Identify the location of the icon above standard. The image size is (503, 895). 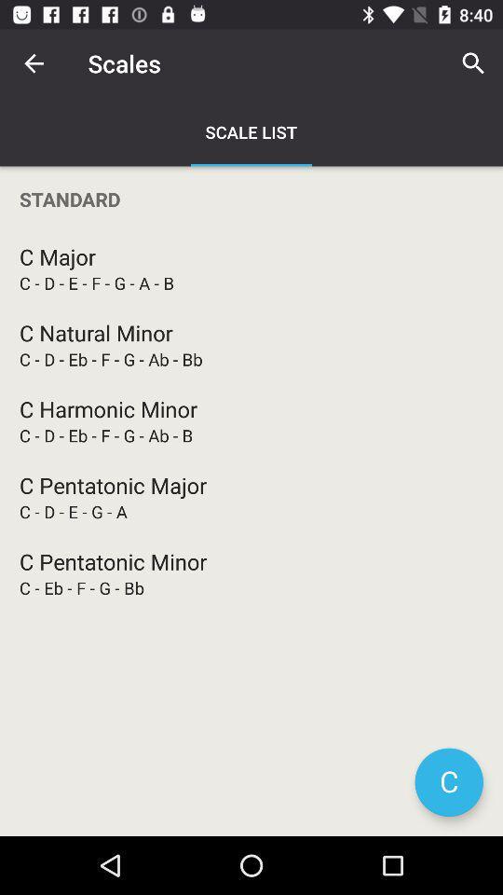
(34, 63).